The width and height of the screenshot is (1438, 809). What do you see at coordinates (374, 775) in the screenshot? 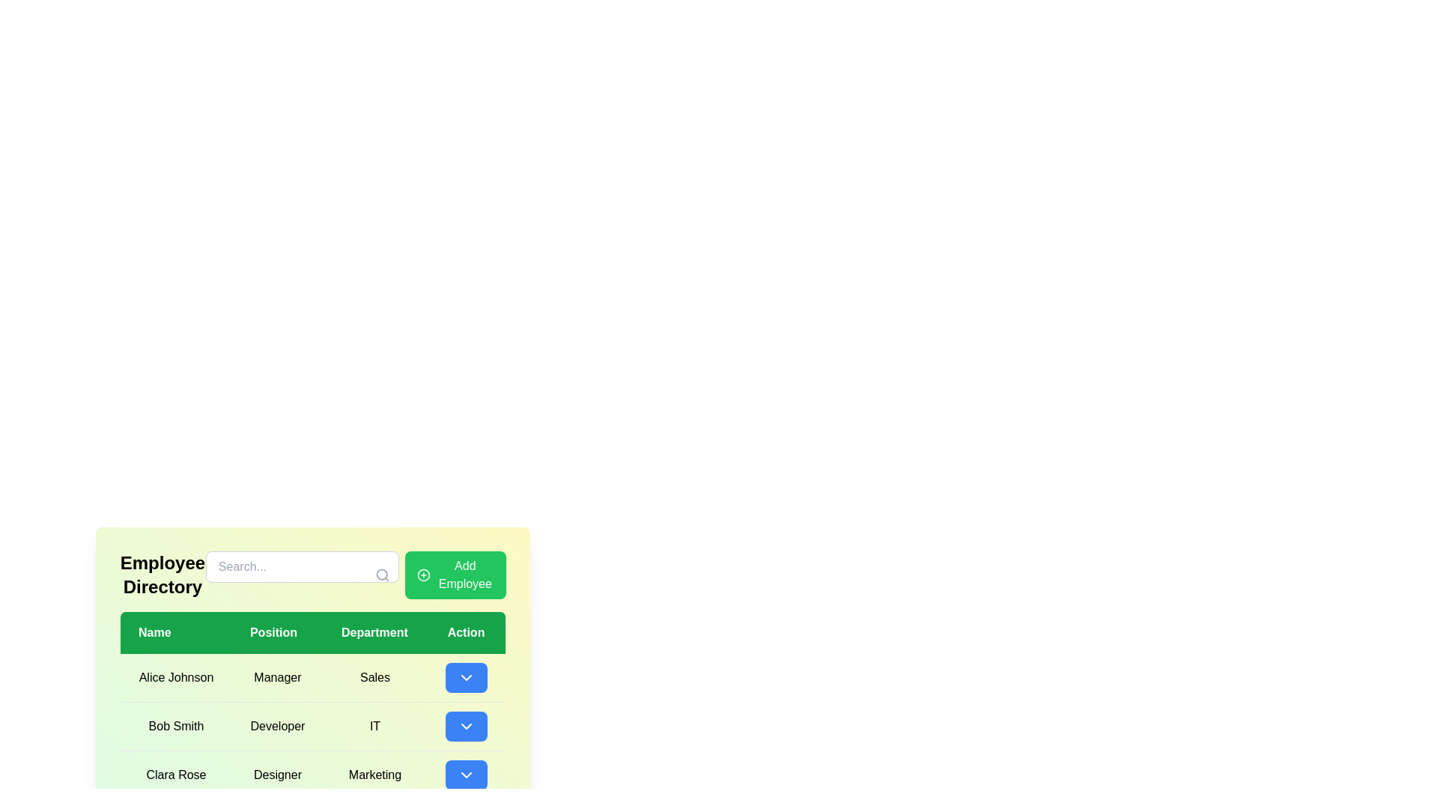
I see `the 'Marketing' text label located in the third row of the 'Department' column under the employee 'Clara Rose'` at bounding box center [374, 775].